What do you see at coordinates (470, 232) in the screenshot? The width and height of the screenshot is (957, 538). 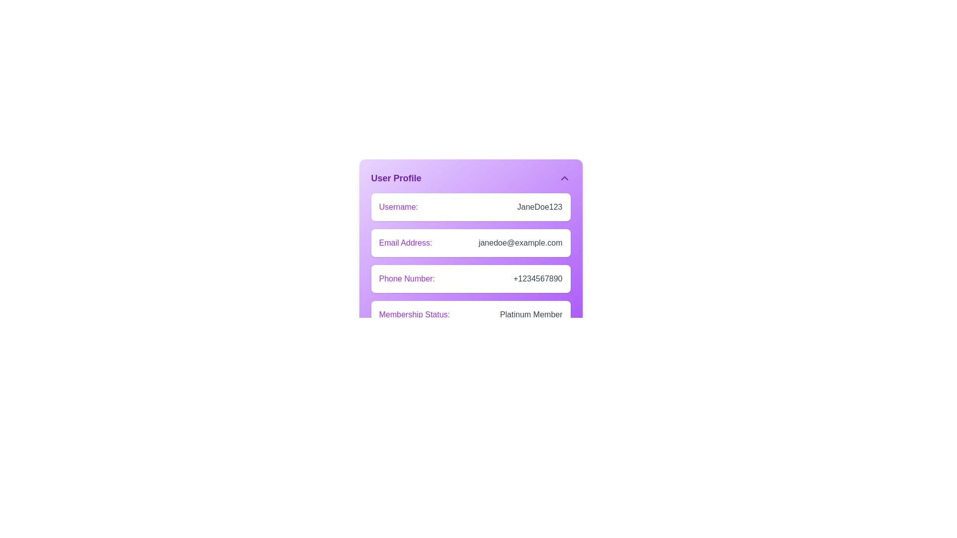 I see `the 'Email Address' field in the user profile block, which is displayed in a light purple background and is the second row of labeled data following 'Username'` at bounding box center [470, 232].